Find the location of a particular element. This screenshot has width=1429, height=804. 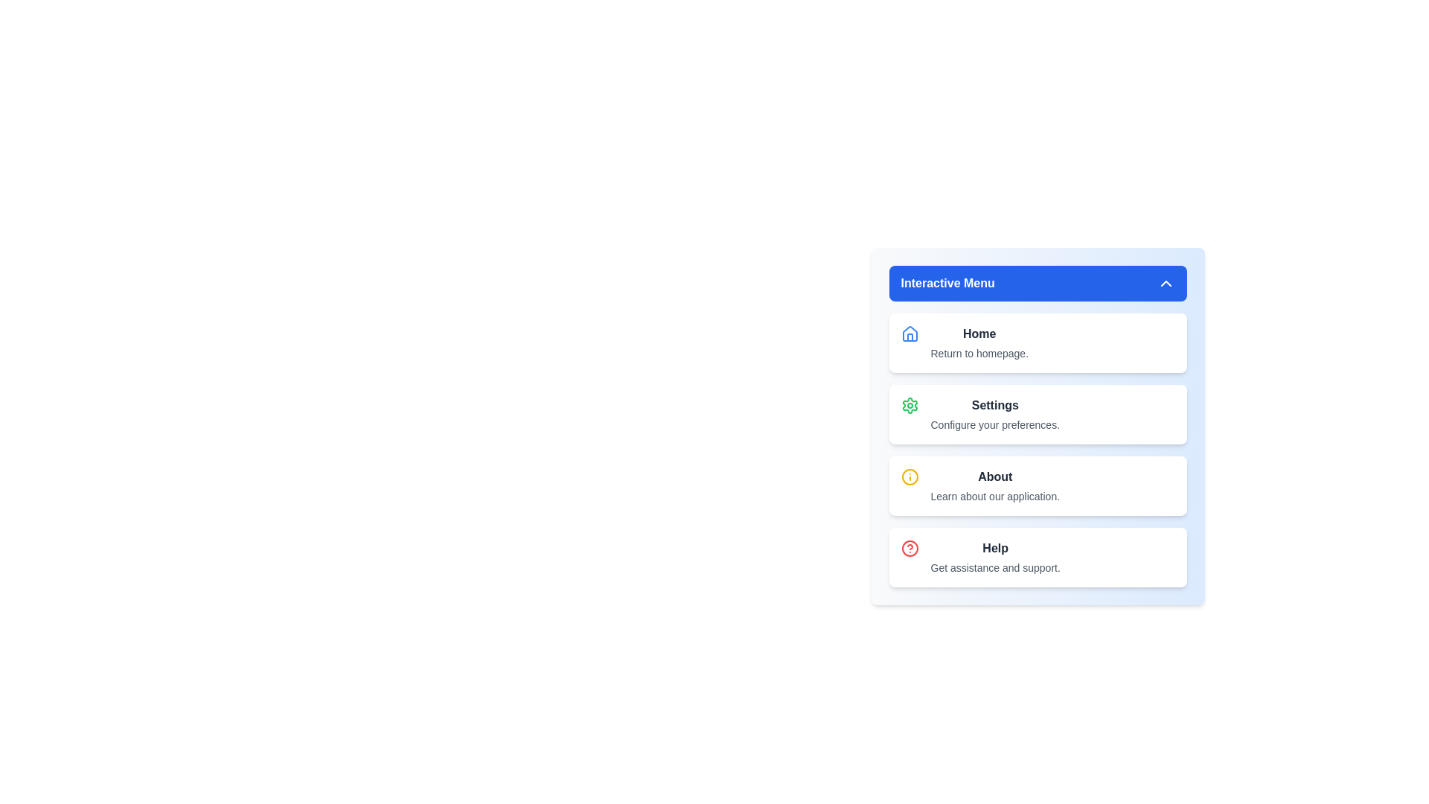

the 'About' menu entry in the 'Interactive Menu' located in the right-center of the interface, which is the third option below 'Settings' and above 'Help' is located at coordinates (995, 485).